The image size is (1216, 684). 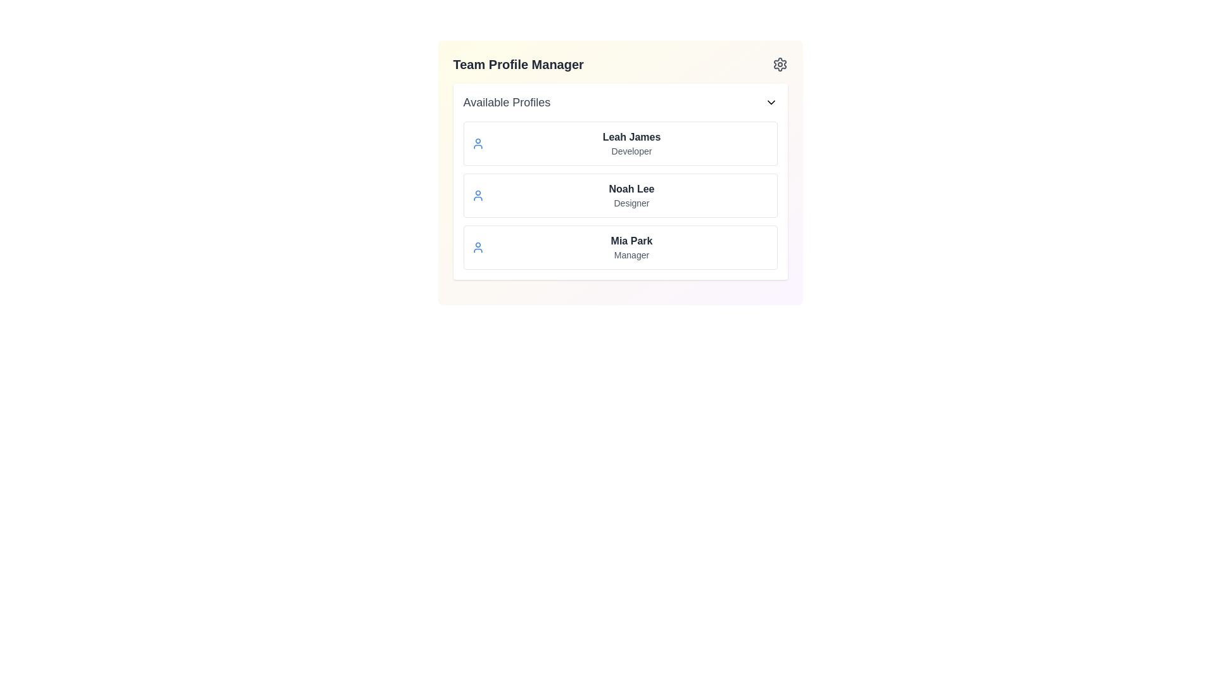 I want to click on the static text element indicating the role or title of 'Noah Lee', which is located directly below the primary text in the profile box, so click(x=631, y=202).